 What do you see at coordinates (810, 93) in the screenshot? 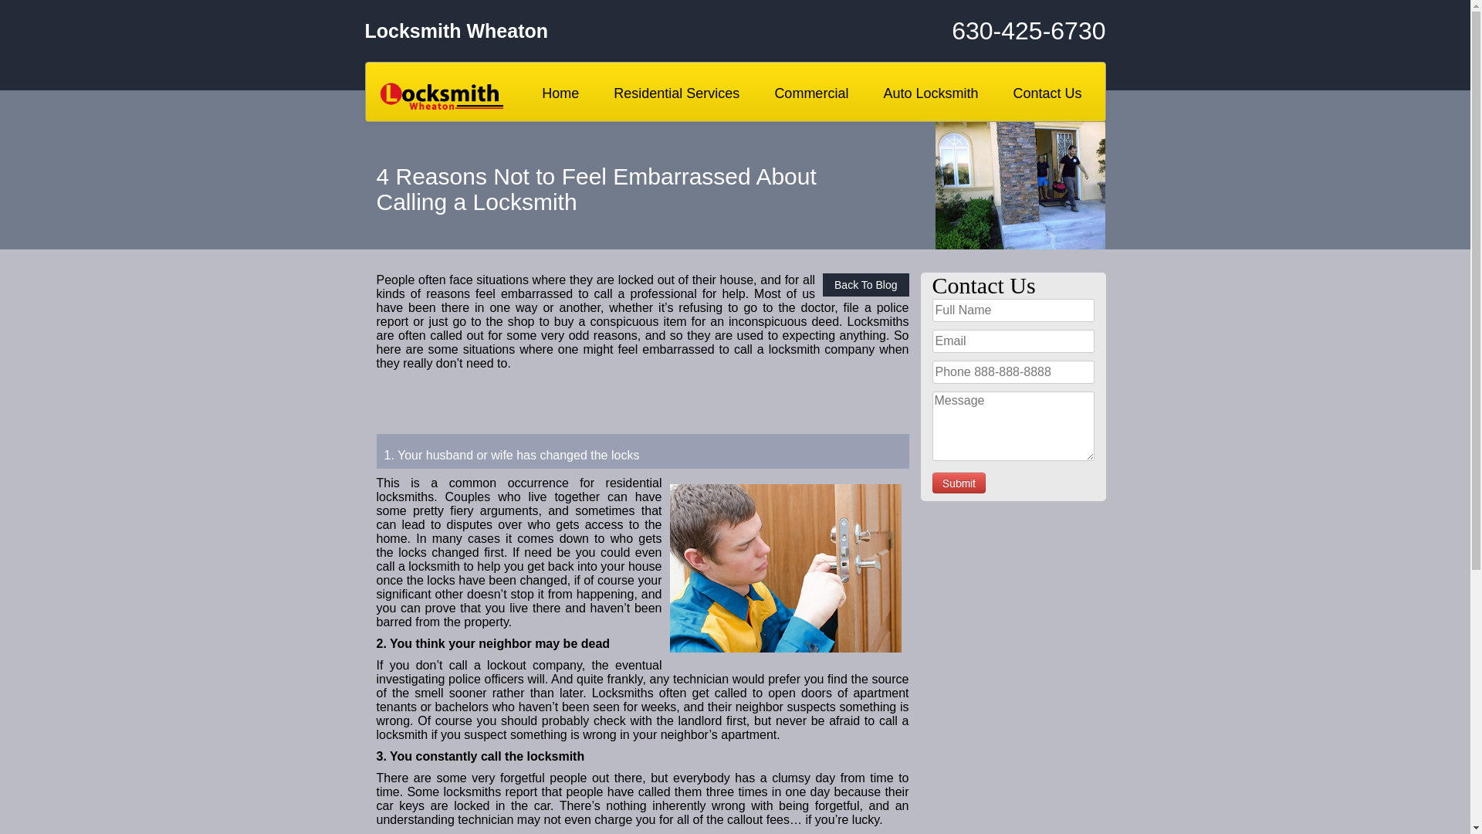
I see `'Commercial'` at bounding box center [810, 93].